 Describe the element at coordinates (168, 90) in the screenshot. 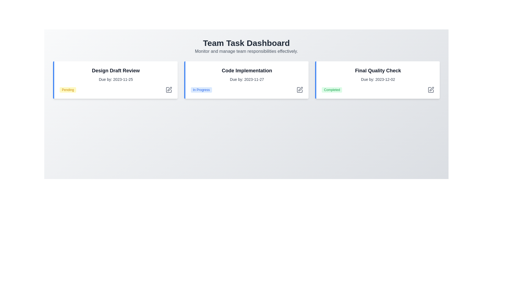

I see `the icon located at the right end of the 'Design Draft Review' card, adjacent to the red edit icon, to understand its meaning` at that location.